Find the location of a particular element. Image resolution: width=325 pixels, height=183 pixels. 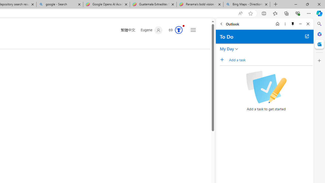

'Microsoft 365' is located at coordinates (319, 34).